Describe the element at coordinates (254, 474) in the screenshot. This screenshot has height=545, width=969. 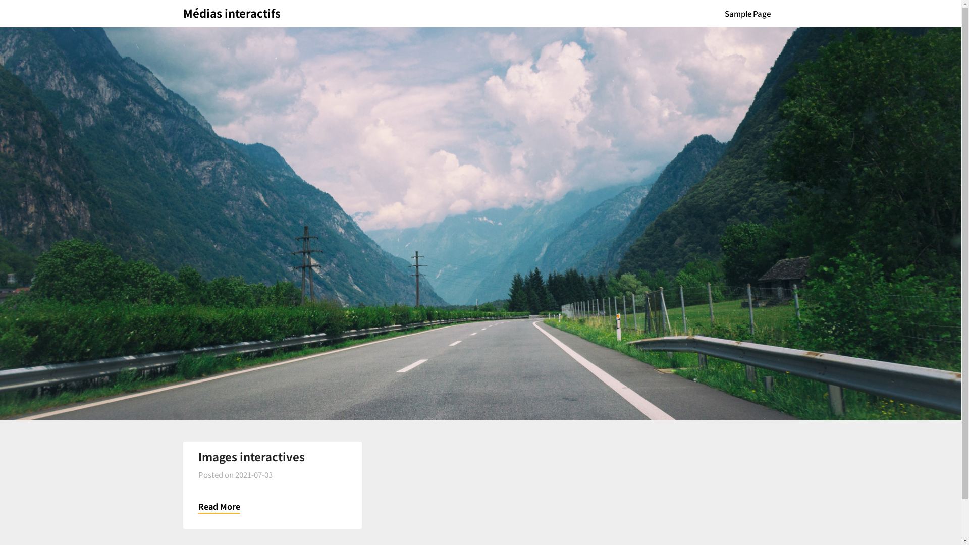
I see `'2021-07-03'` at that location.